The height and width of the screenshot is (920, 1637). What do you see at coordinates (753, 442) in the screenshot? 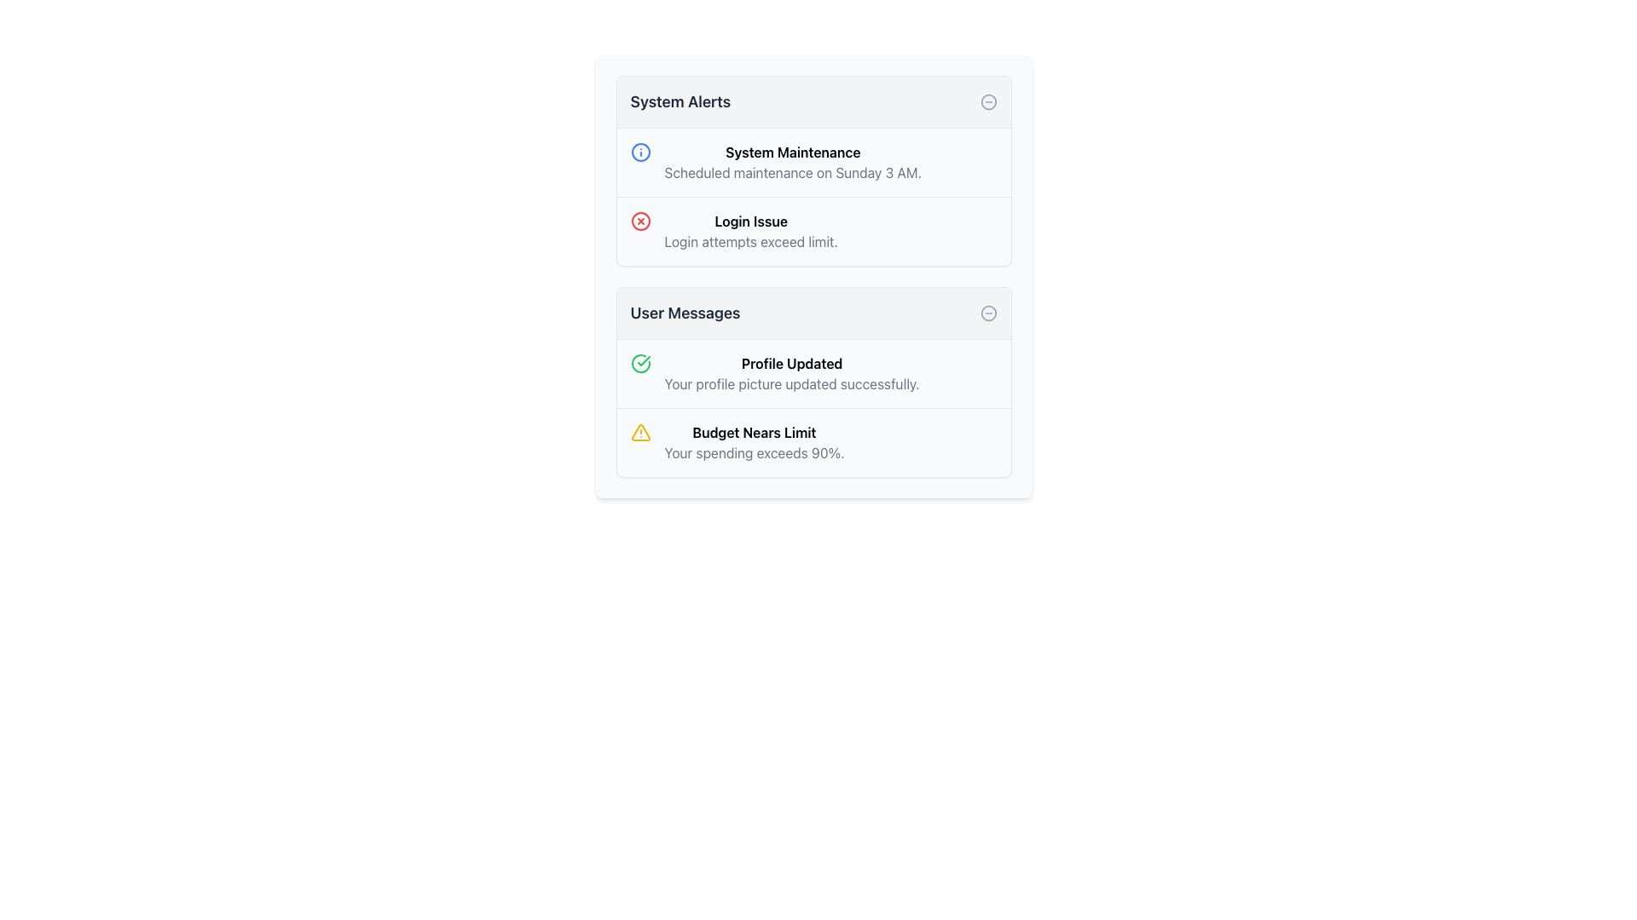
I see `static text notification element that warns the user about exceeding 90% of their budget, located in the 'User Messages' section below 'Profile Updated'` at bounding box center [753, 442].